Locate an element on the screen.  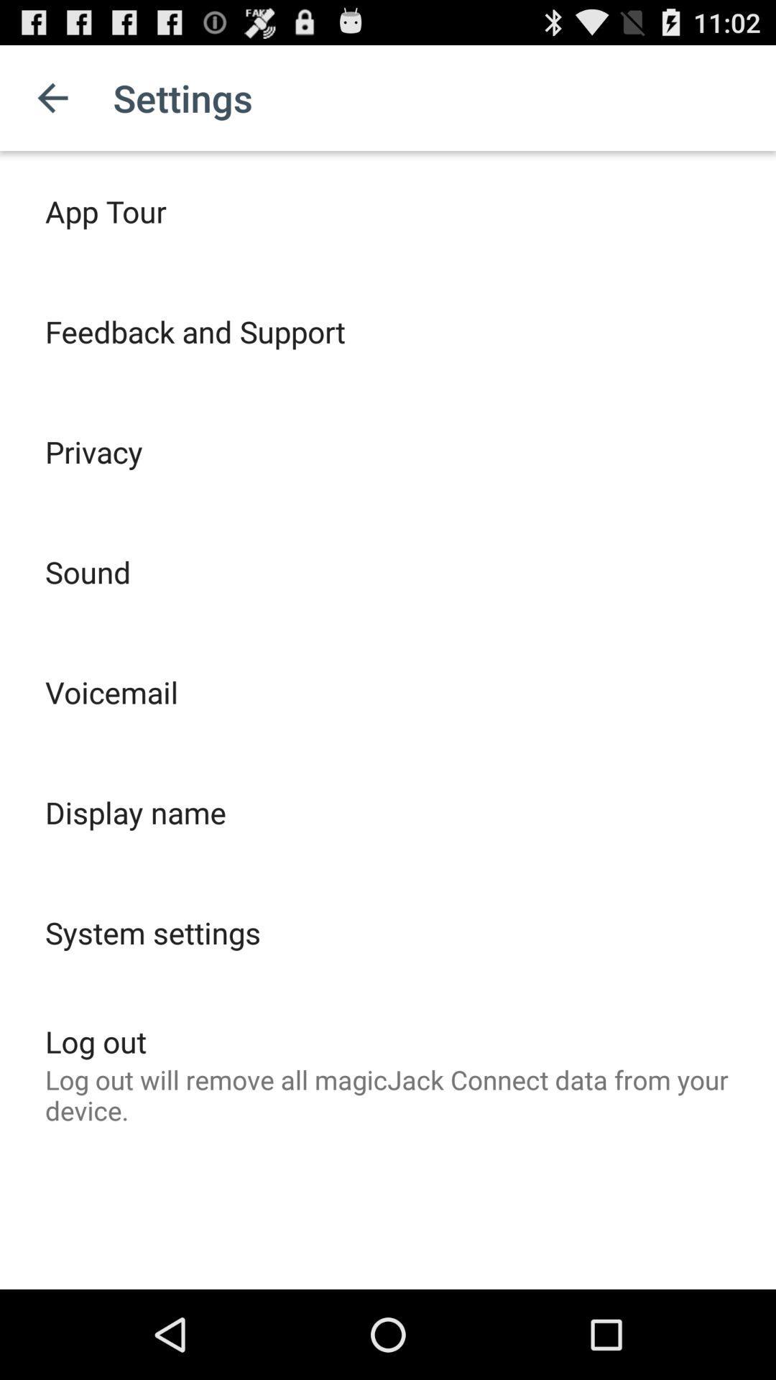
the app to the left of settings icon is located at coordinates (52, 97).